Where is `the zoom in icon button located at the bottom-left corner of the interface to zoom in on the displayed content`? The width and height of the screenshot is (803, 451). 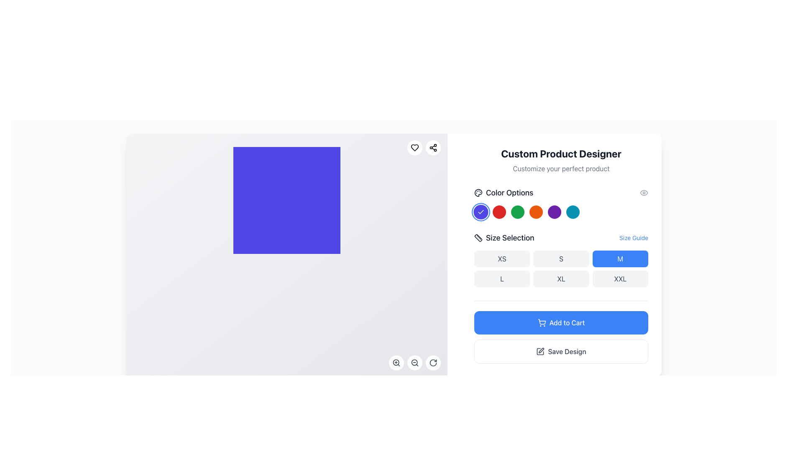
the zoom in icon button located at the bottom-left corner of the interface to zoom in on the displayed content is located at coordinates (396, 362).